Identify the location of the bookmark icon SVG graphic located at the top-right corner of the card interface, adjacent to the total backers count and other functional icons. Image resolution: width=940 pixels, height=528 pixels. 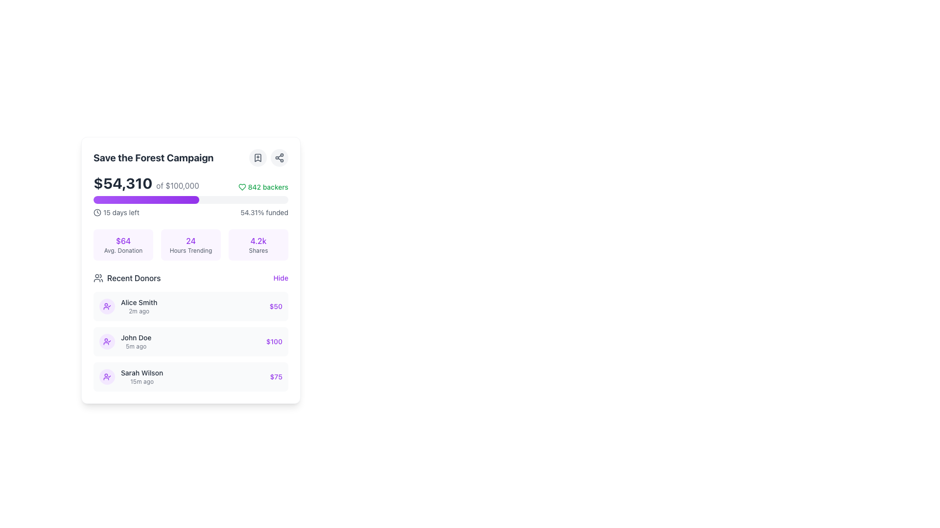
(258, 157).